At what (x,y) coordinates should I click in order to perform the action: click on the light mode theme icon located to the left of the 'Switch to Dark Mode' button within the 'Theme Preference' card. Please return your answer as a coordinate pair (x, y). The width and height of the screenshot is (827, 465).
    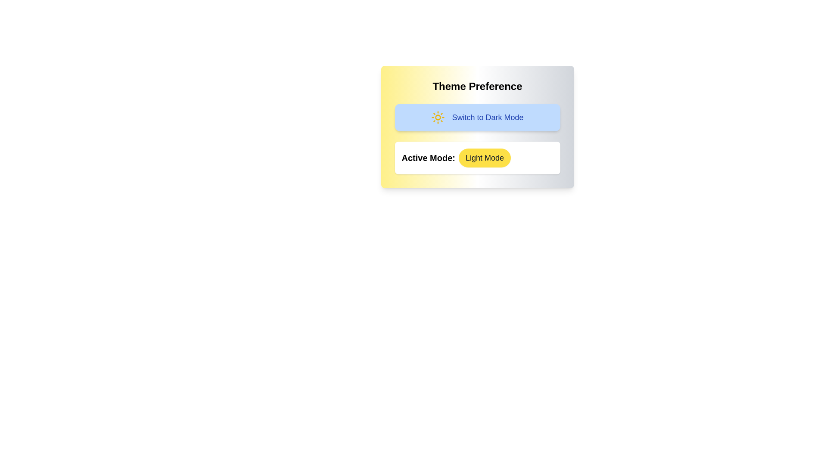
    Looking at the image, I should click on (438, 118).